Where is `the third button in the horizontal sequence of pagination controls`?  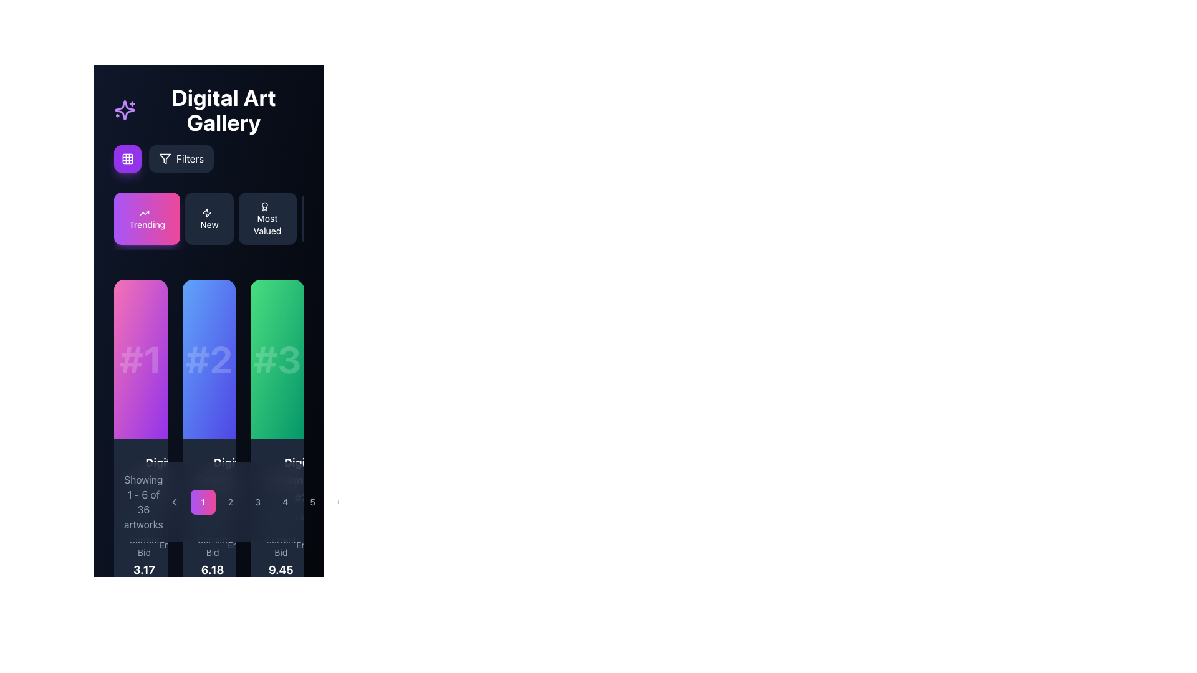 the third button in the horizontal sequence of pagination controls is located at coordinates (257, 502).